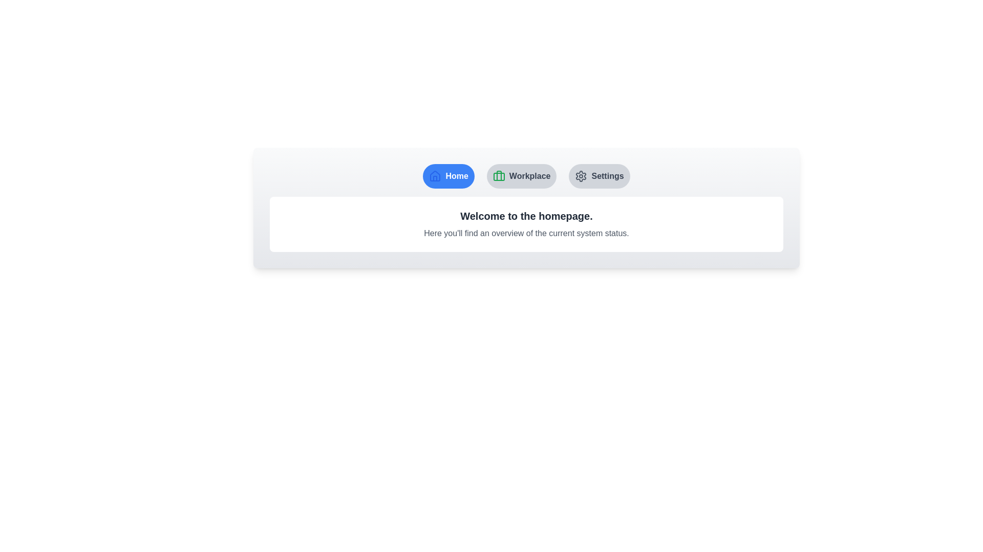 The image size is (983, 552). What do you see at coordinates (435, 175) in the screenshot?
I see `the icon associated with the 'Home' tab` at bounding box center [435, 175].